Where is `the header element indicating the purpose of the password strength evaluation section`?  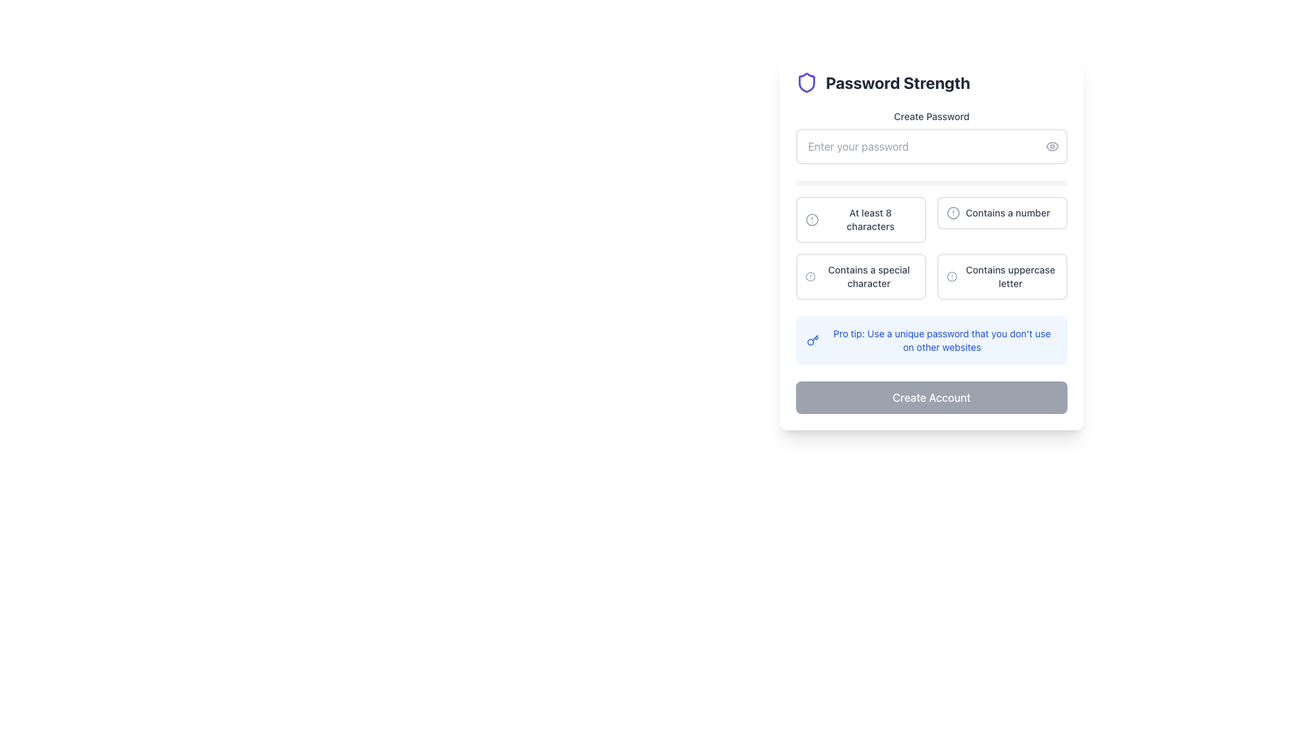 the header element indicating the purpose of the password strength evaluation section is located at coordinates (930, 83).